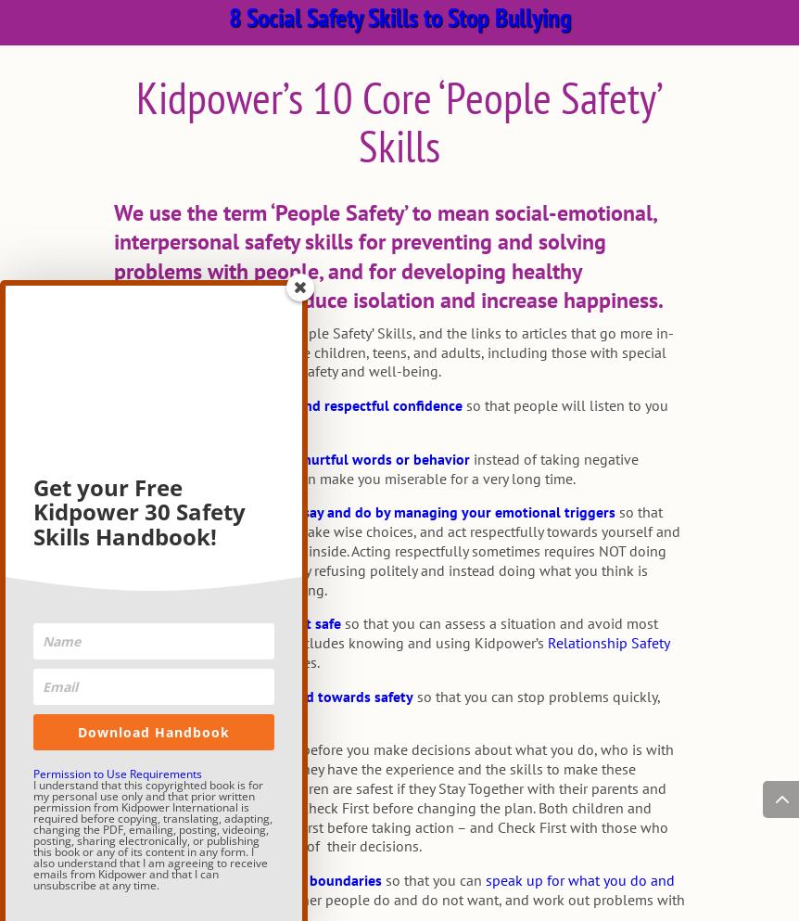 The width and height of the screenshot is (799, 921). Describe the element at coordinates (146, 660) in the screenshot. I see `'Rules and'` at that location.